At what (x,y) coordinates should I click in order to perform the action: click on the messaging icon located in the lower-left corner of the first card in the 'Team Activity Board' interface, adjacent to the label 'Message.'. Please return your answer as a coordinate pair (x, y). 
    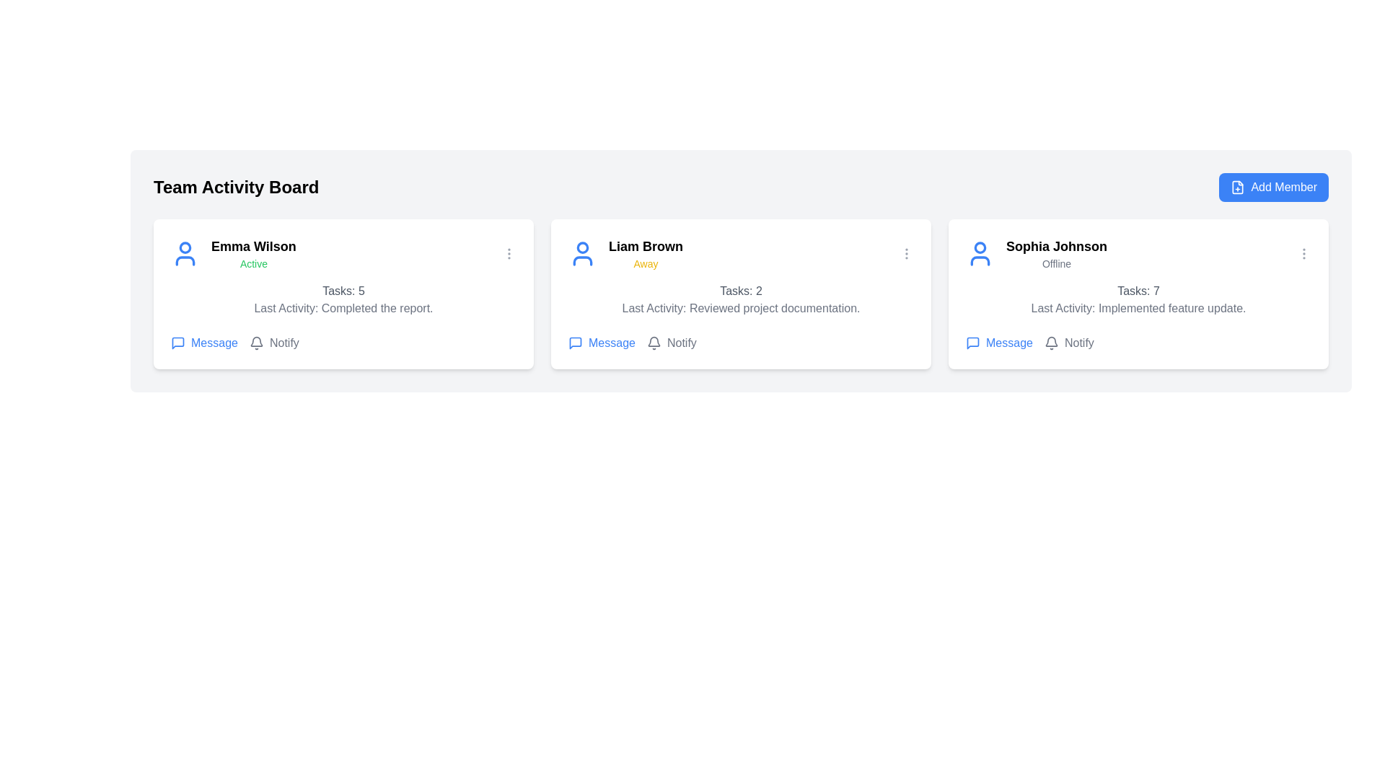
    Looking at the image, I should click on (177, 343).